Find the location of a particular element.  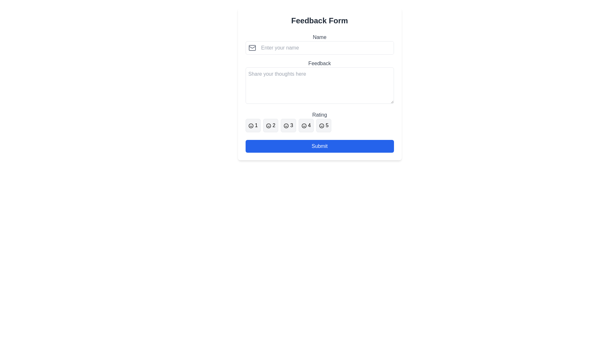

the button labeled '2' with a smiley icon, which is styled with rounded corners and a light gray background is located at coordinates (271, 126).